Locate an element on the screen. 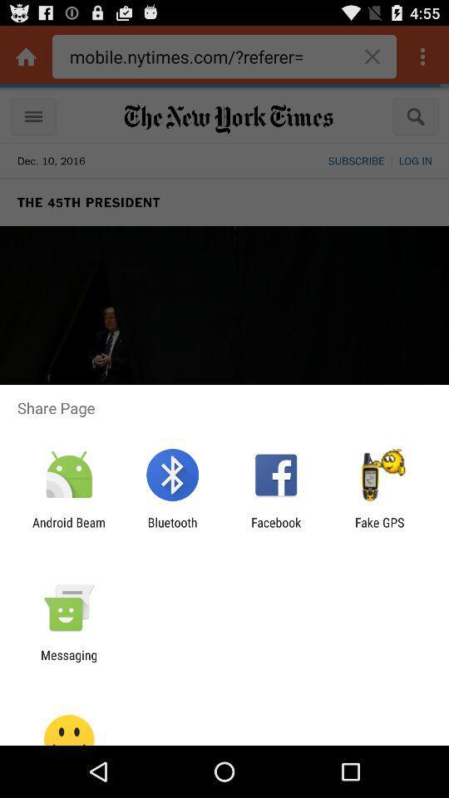  the android beam icon is located at coordinates (68, 529).